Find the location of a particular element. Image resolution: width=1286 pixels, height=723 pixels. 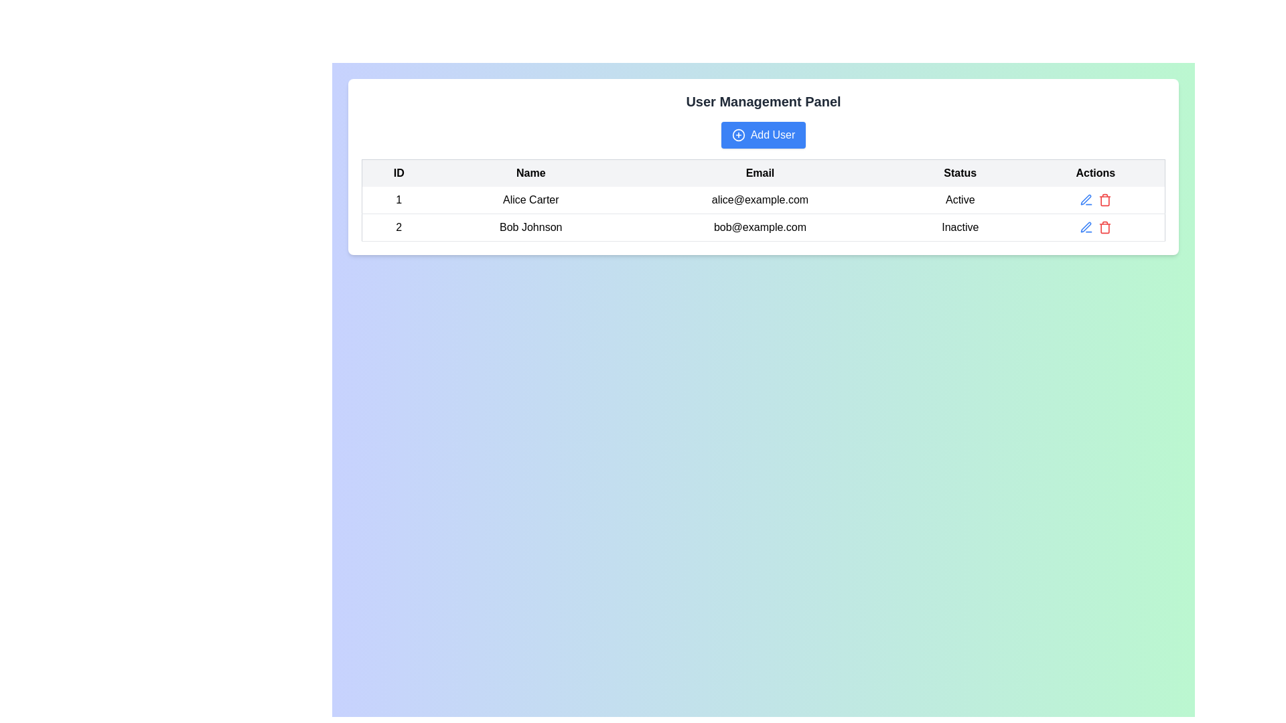

the static label indicating the current status ('Inactive') of the user located in the second row of the 'Status' column, between the 'Email' and 'Actions' columns is located at coordinates (959, 226).